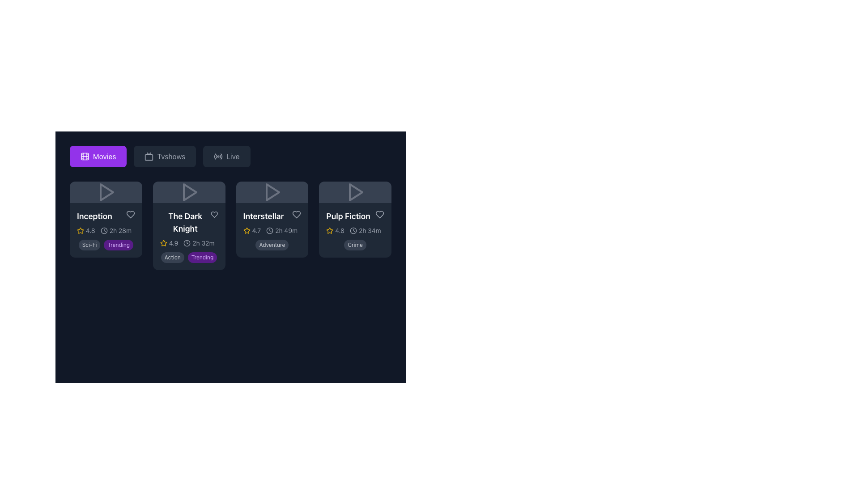  I want to click on the play icon button located in the header area of the 'Inception' movie tile to change its color, so click(106, 191).